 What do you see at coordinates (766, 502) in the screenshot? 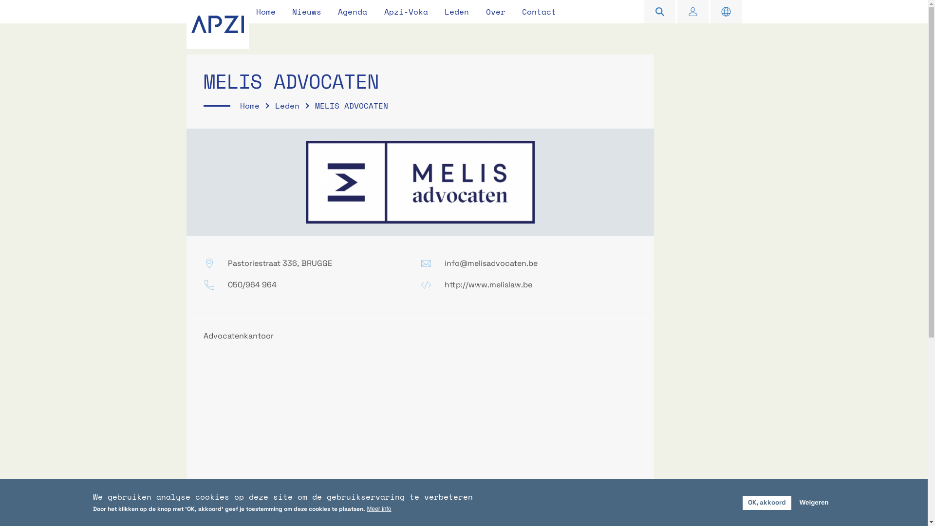
I see `'OK, akkoord'` at bounding box center [766, 502].